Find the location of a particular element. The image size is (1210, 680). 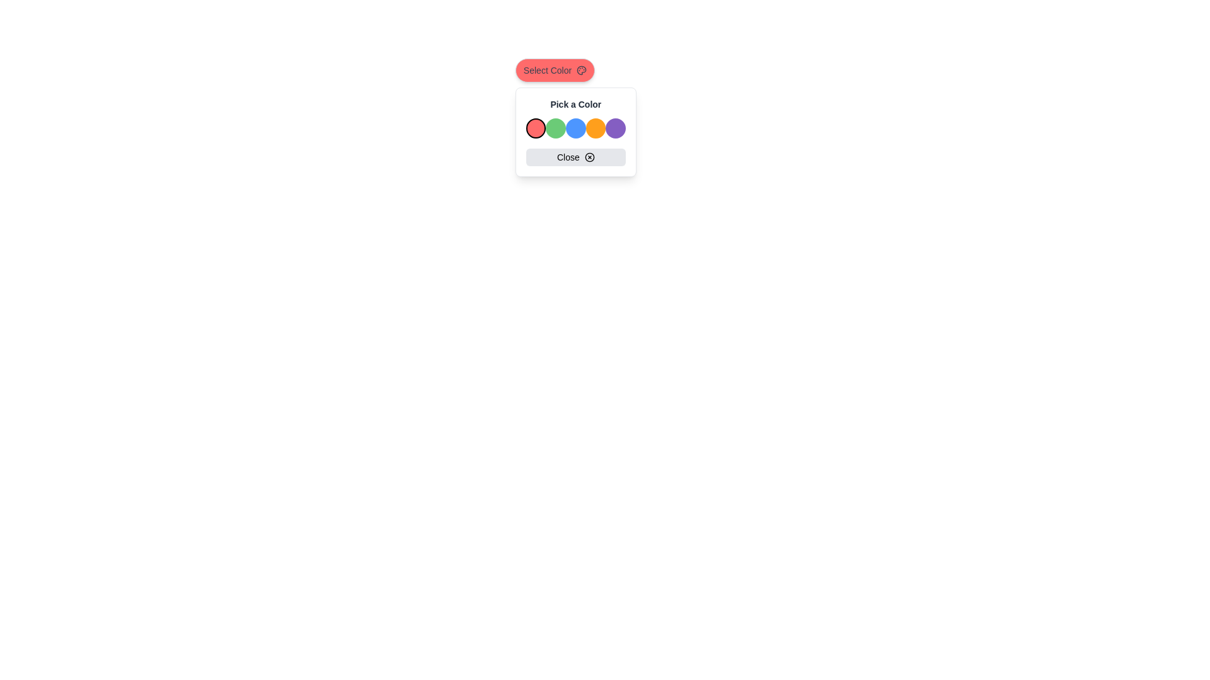

the Color selection button, which is the third circular option in the 'Pick a Color' modal is located at coordinates (575, 128).